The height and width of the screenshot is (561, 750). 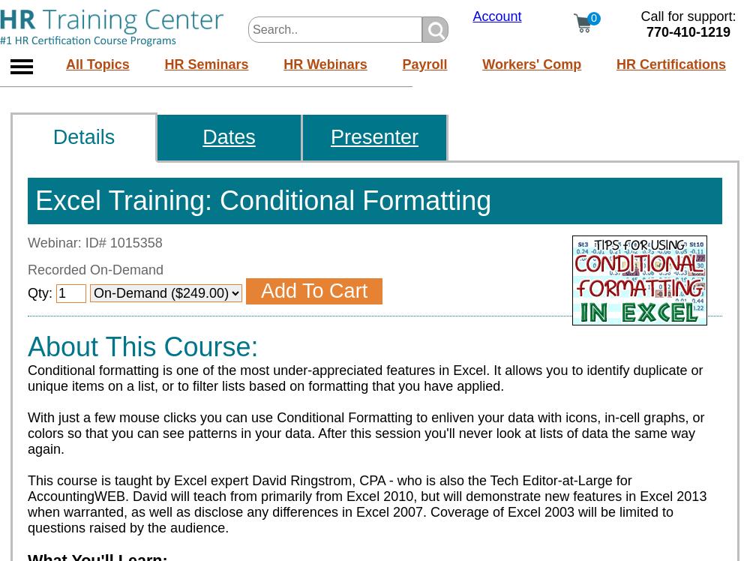 I want to click on 'All Topics', so click(x=97, y=62).